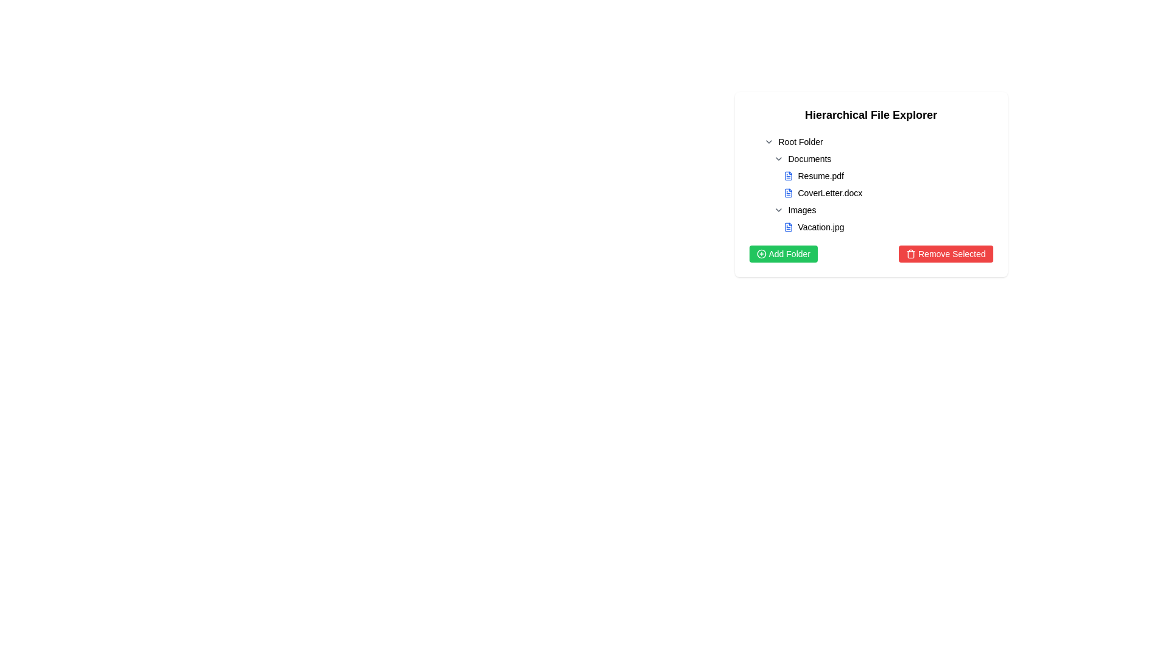 The height and width of the screenshot is (658, 1170). Describe the element at coordinates (945, 253) in the screenshot. I see `the remove button located at the bottom right of the file explorer UI` at that location.